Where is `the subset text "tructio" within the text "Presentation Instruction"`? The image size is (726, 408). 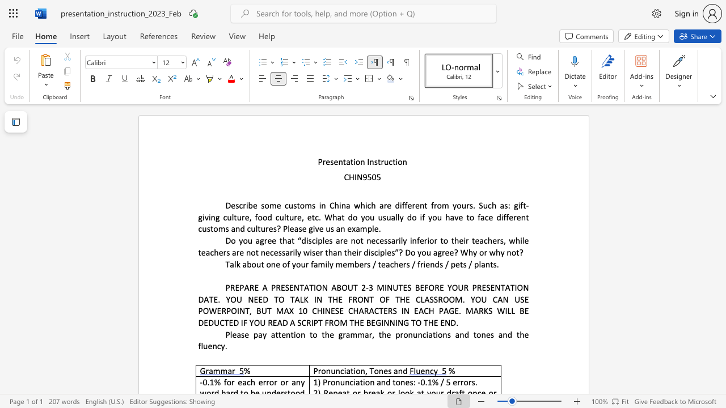 the subset text "tructio" within the text "Presentation Instruction" is located at coordinates (377, 161).